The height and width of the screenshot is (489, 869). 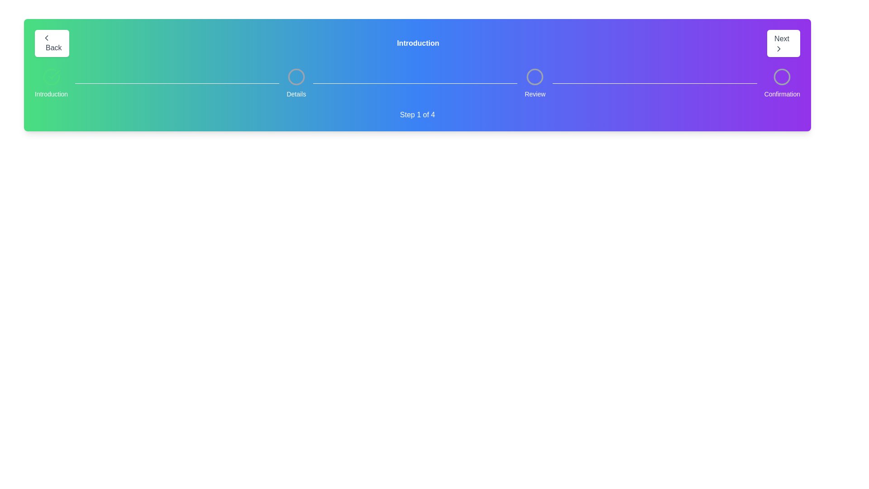 I want to click on keyboard navigation, so click(x=417, y=83).